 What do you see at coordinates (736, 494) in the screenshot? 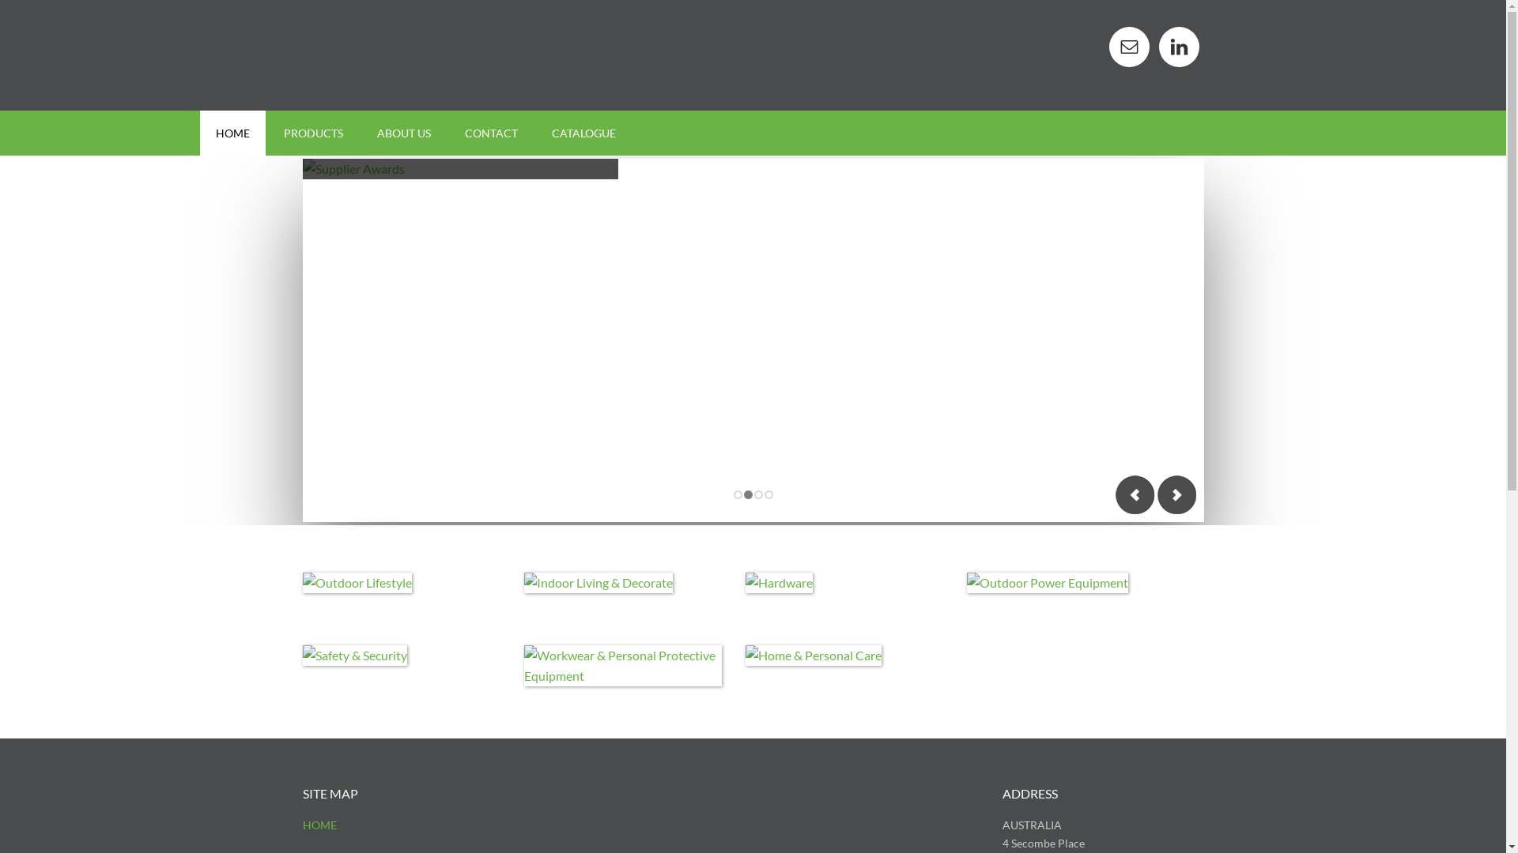
I see `'1'` at bounding box center [736, 494].